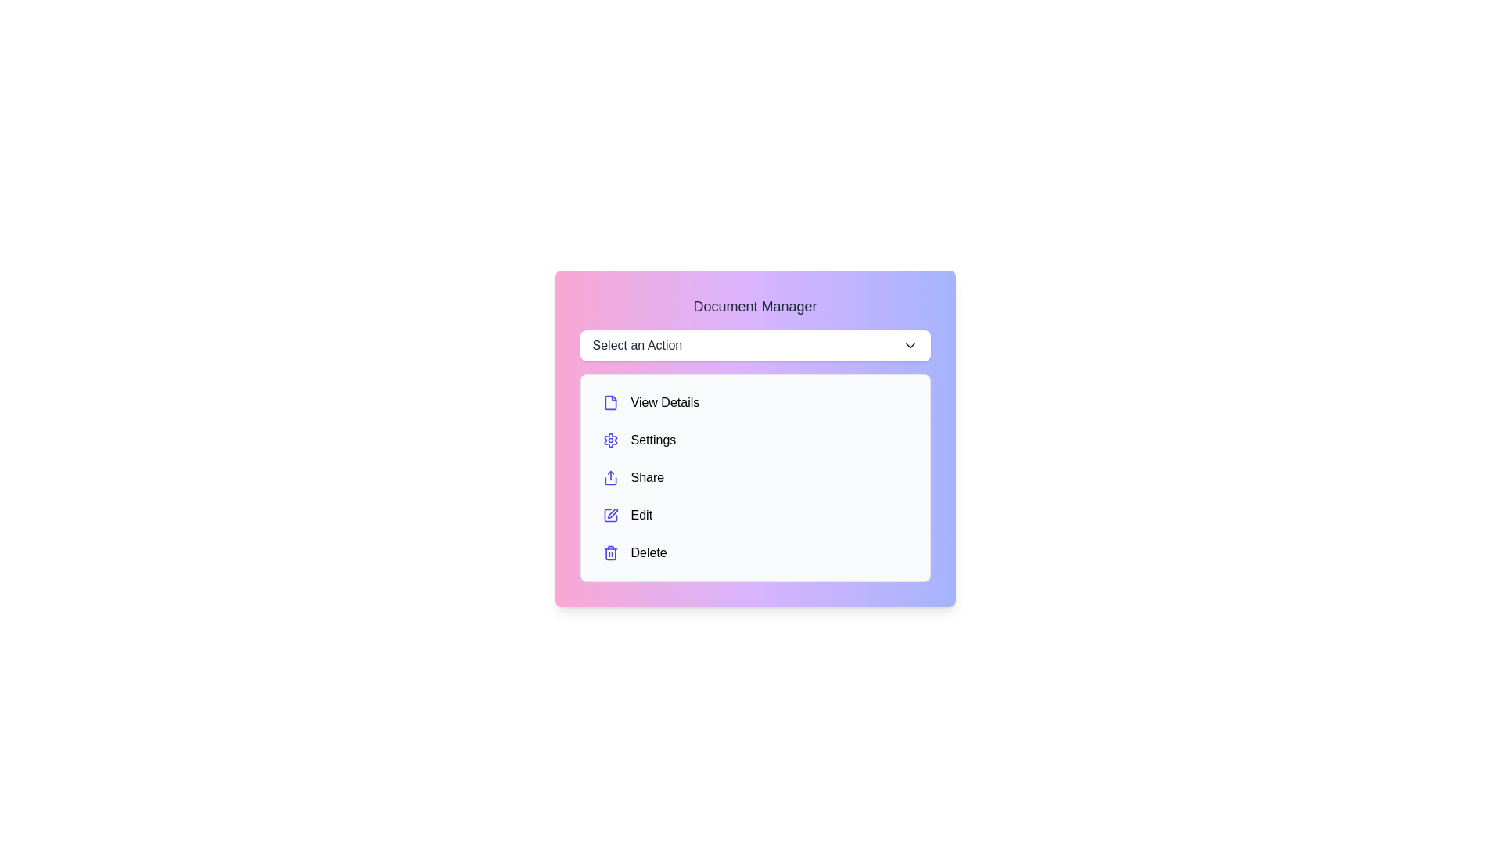 The width and height of the screenshot is (1502, 845). Describe the element at coordinates (609, 516) in the screenshot. I see `the 'Edit' action icon located within the dropdown menu of the document manager interface, situated to the left of the 'Edit' text label` at that location.